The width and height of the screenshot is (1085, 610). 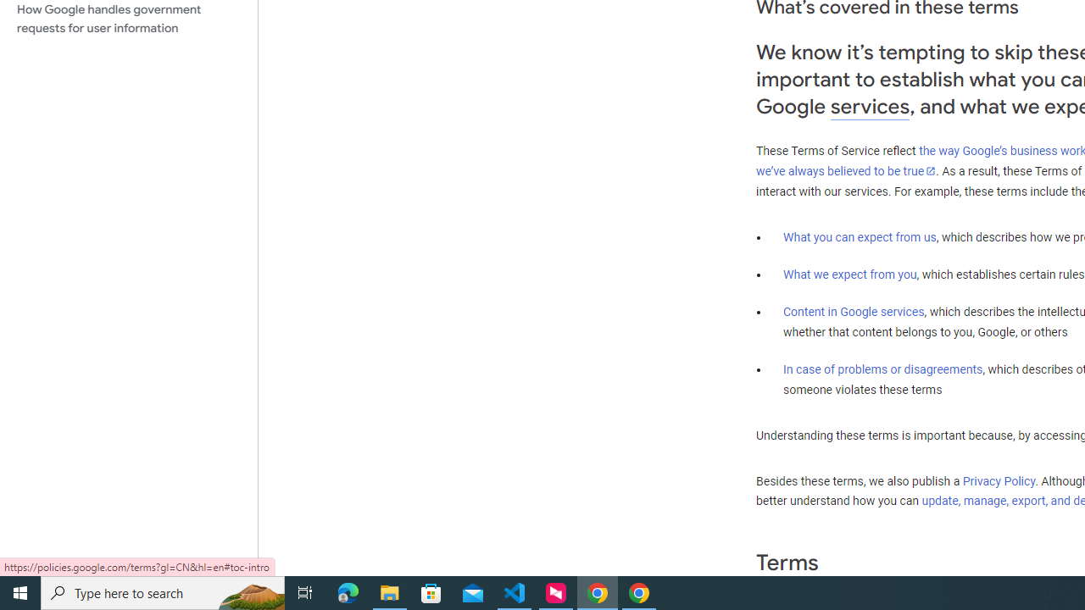 What do you see at coordinates (849, 274) in the screenshot?
I see `'What we expect from you'` at bounding box center [849, 274].